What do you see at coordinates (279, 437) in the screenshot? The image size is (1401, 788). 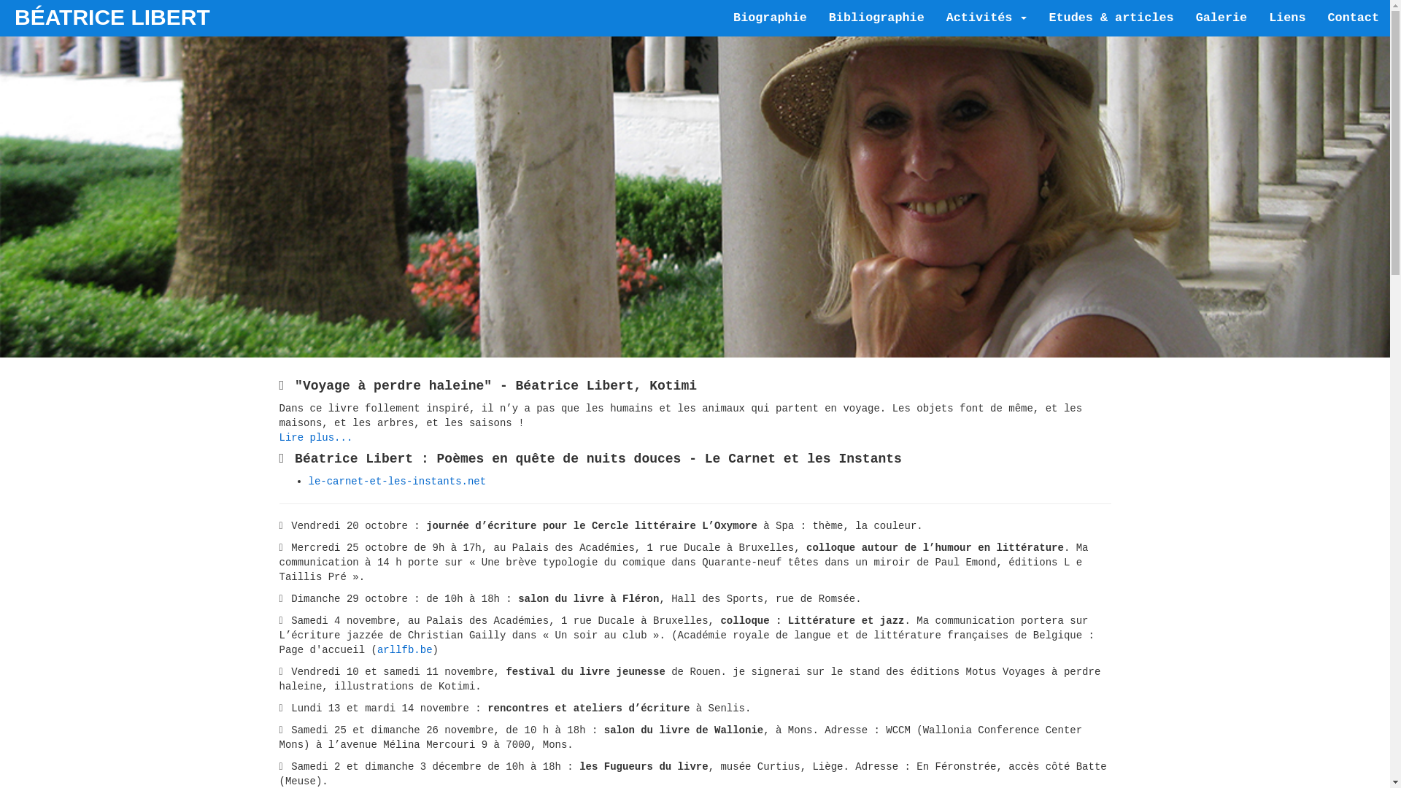 I see `'Lire plus...'` at bounding box center [279, 437].